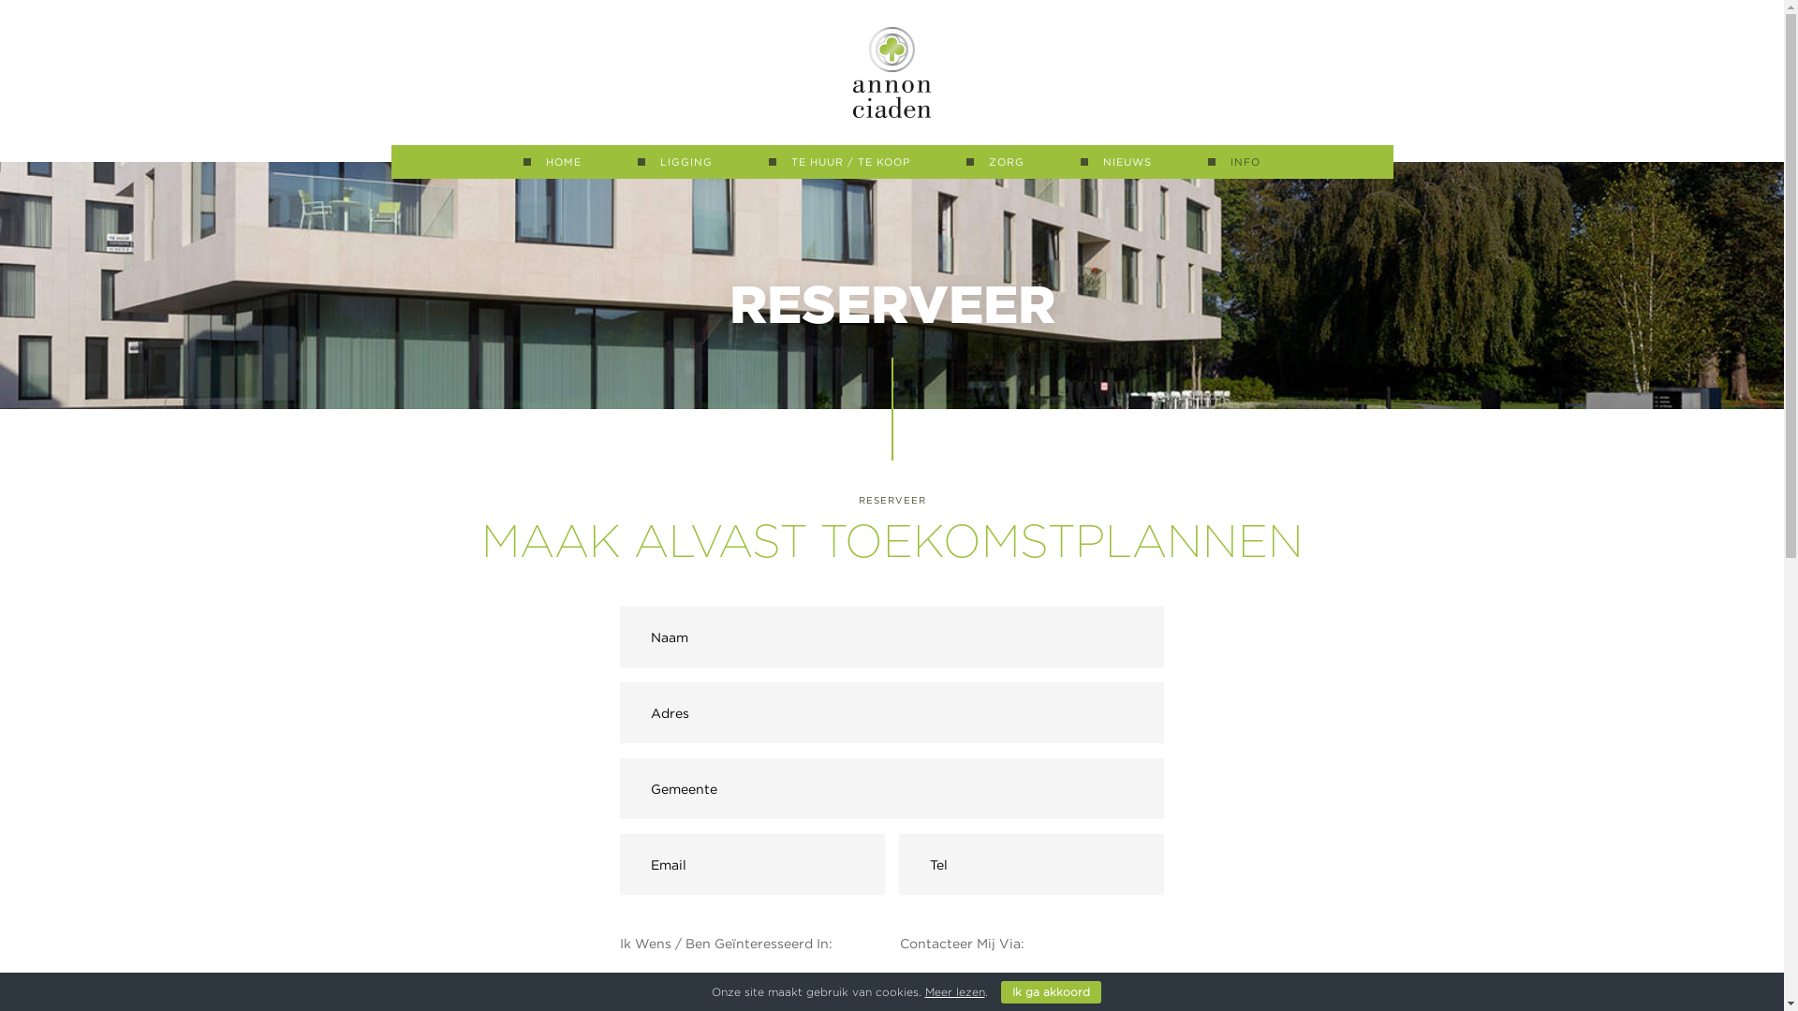 The height and width of the screenshot is (1011, 1798). What do you see at coordinates (891, 71) in the screenshot?
I see `'main-logo'` at bounding box center [891, 71].